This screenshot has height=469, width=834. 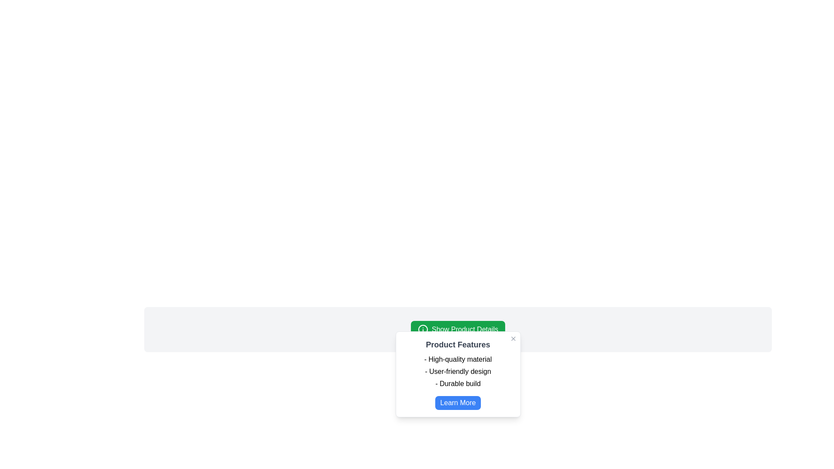 I want to click on the static text label that serves as a heading for the modal, positioned near the top center of the modal box, so click(x=457, y=344).